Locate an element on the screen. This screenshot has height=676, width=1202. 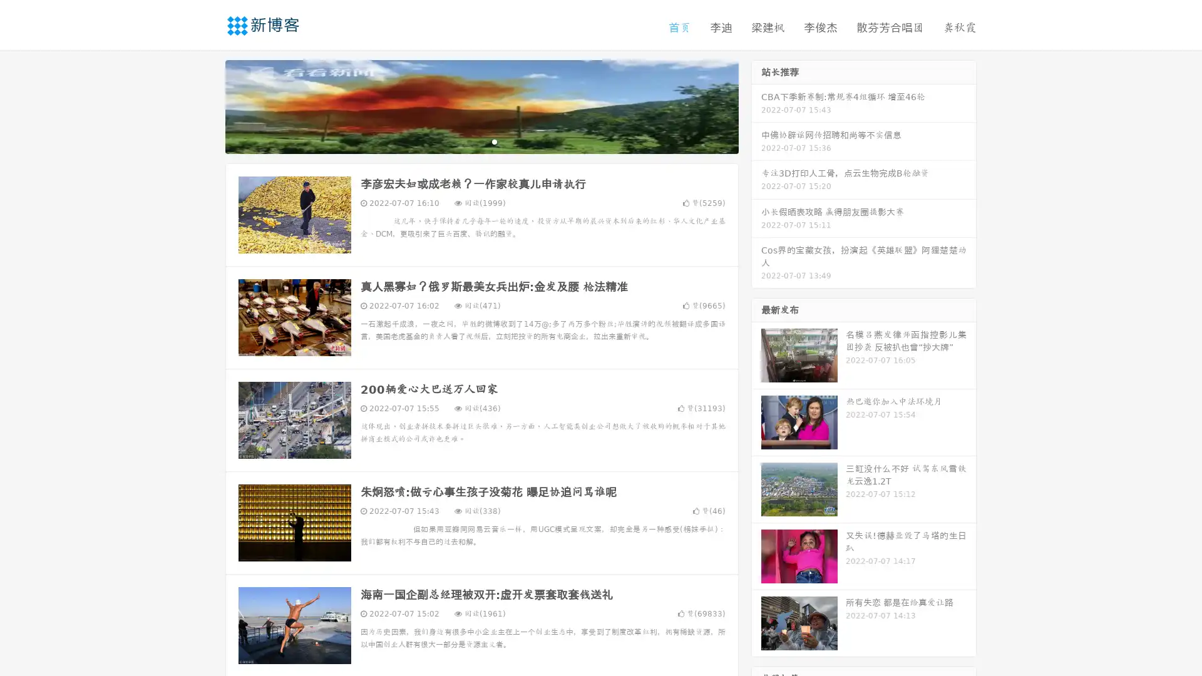
Next slide is located at coordinates (756, 105).